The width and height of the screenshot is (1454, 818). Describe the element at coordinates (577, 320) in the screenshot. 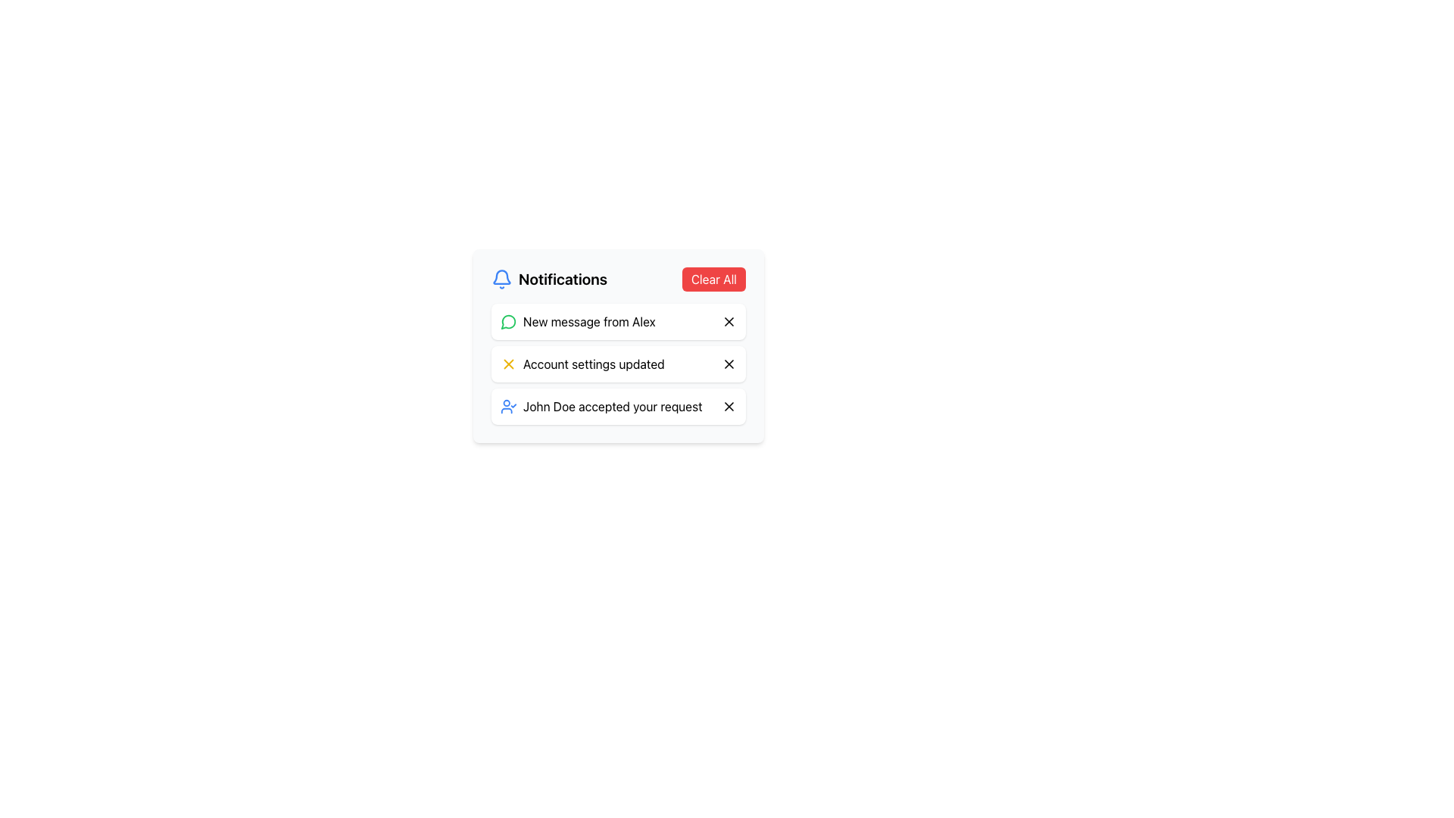

I see `the first notification entry titled 'New message from Alex' with a green message bubble icon, located under the 'Notifications' header` at that location.